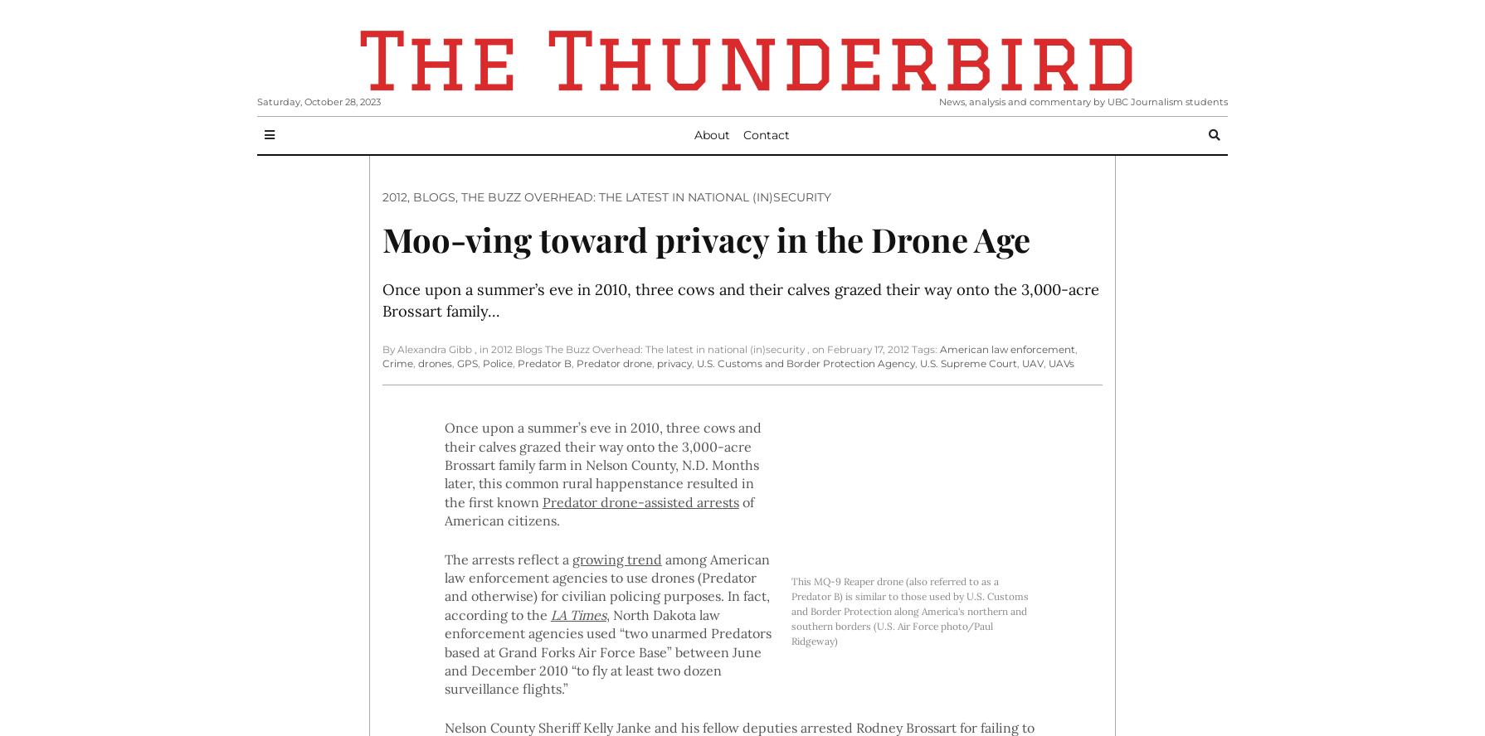 This screenshot has width=1485, height=736. What do you see at coordinates (433, 196) in the screenshot?
I see `'Blogs'` at bounding box center [433, 196].